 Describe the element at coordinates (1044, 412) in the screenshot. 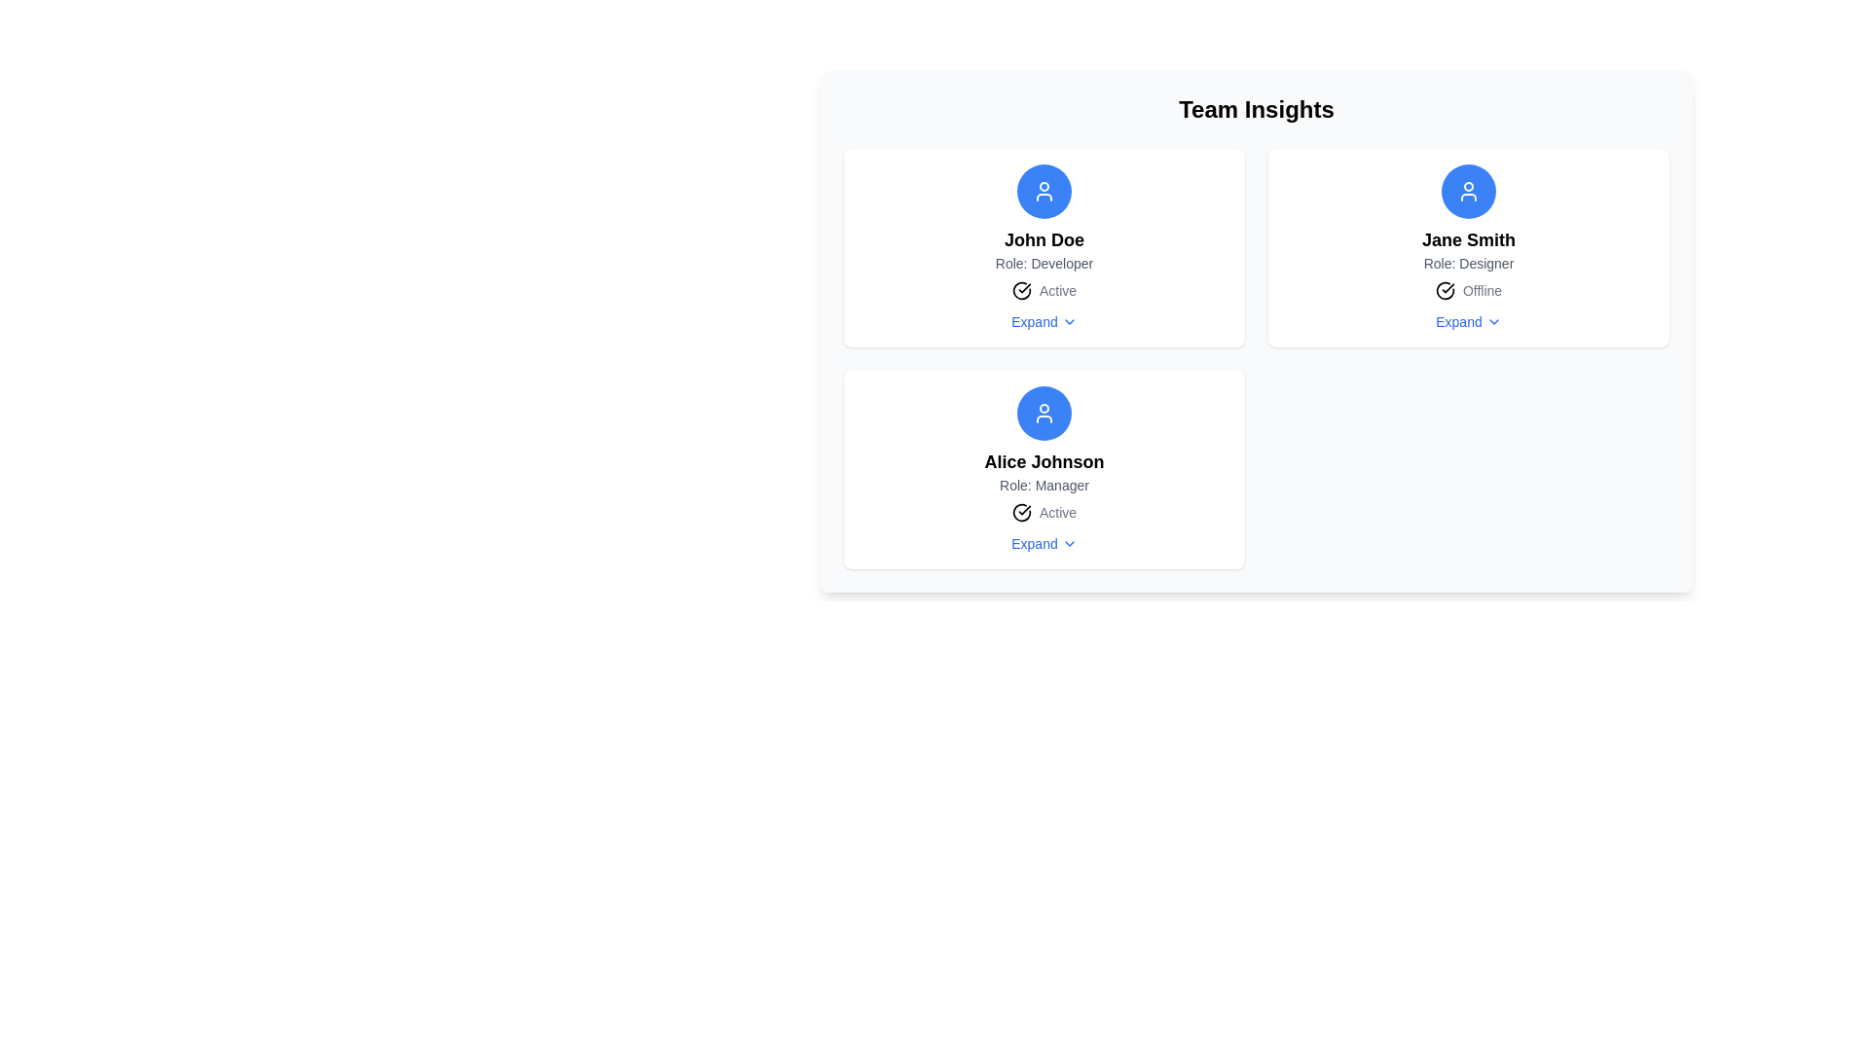

I see `the avatar icon representing the 'Alice Johnson' profile located at the center of the card, positioned above the name and role text` at that location.